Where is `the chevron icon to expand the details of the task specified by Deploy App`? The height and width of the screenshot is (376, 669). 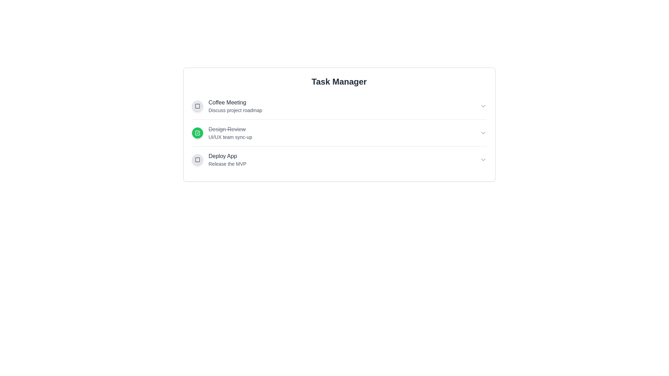
the chevron icon to expand the details of the task specified by Deploy App is located at coordinates (483, 160).